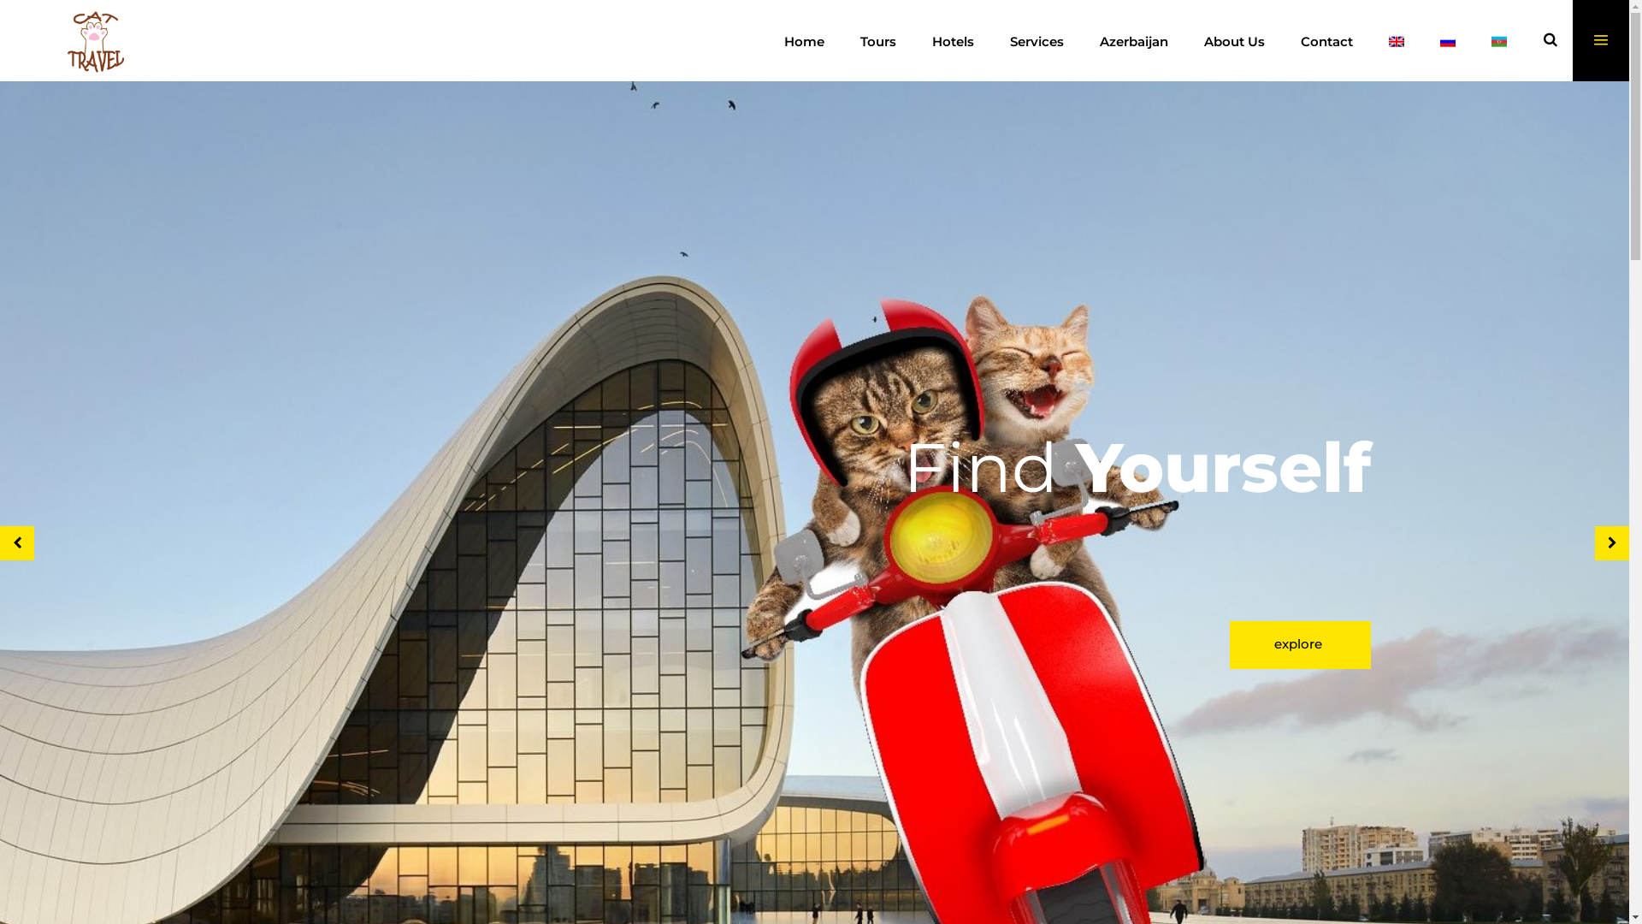 The image size is (1642, 924). Describe the element at coordinates (1036, 39) in the screenshot. I see `'Services'` at that location.